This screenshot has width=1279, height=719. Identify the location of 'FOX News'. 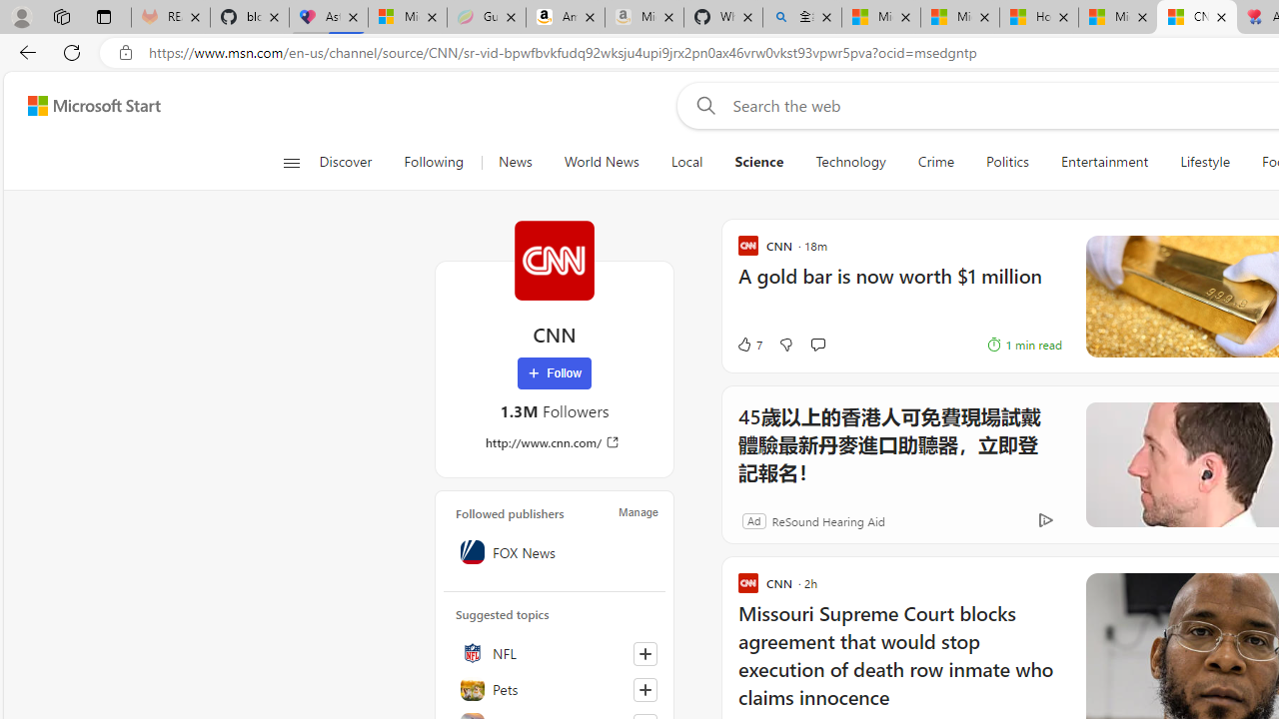
(555, 551).